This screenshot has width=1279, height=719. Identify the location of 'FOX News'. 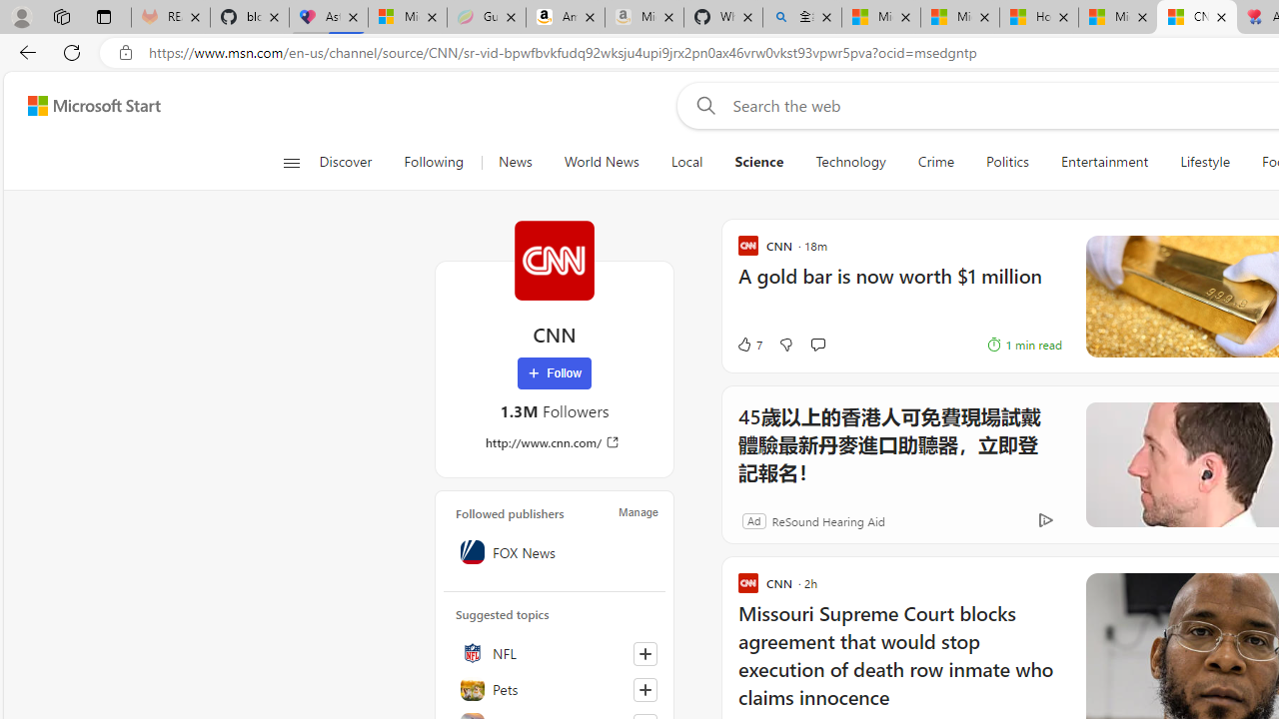
(555, 551).